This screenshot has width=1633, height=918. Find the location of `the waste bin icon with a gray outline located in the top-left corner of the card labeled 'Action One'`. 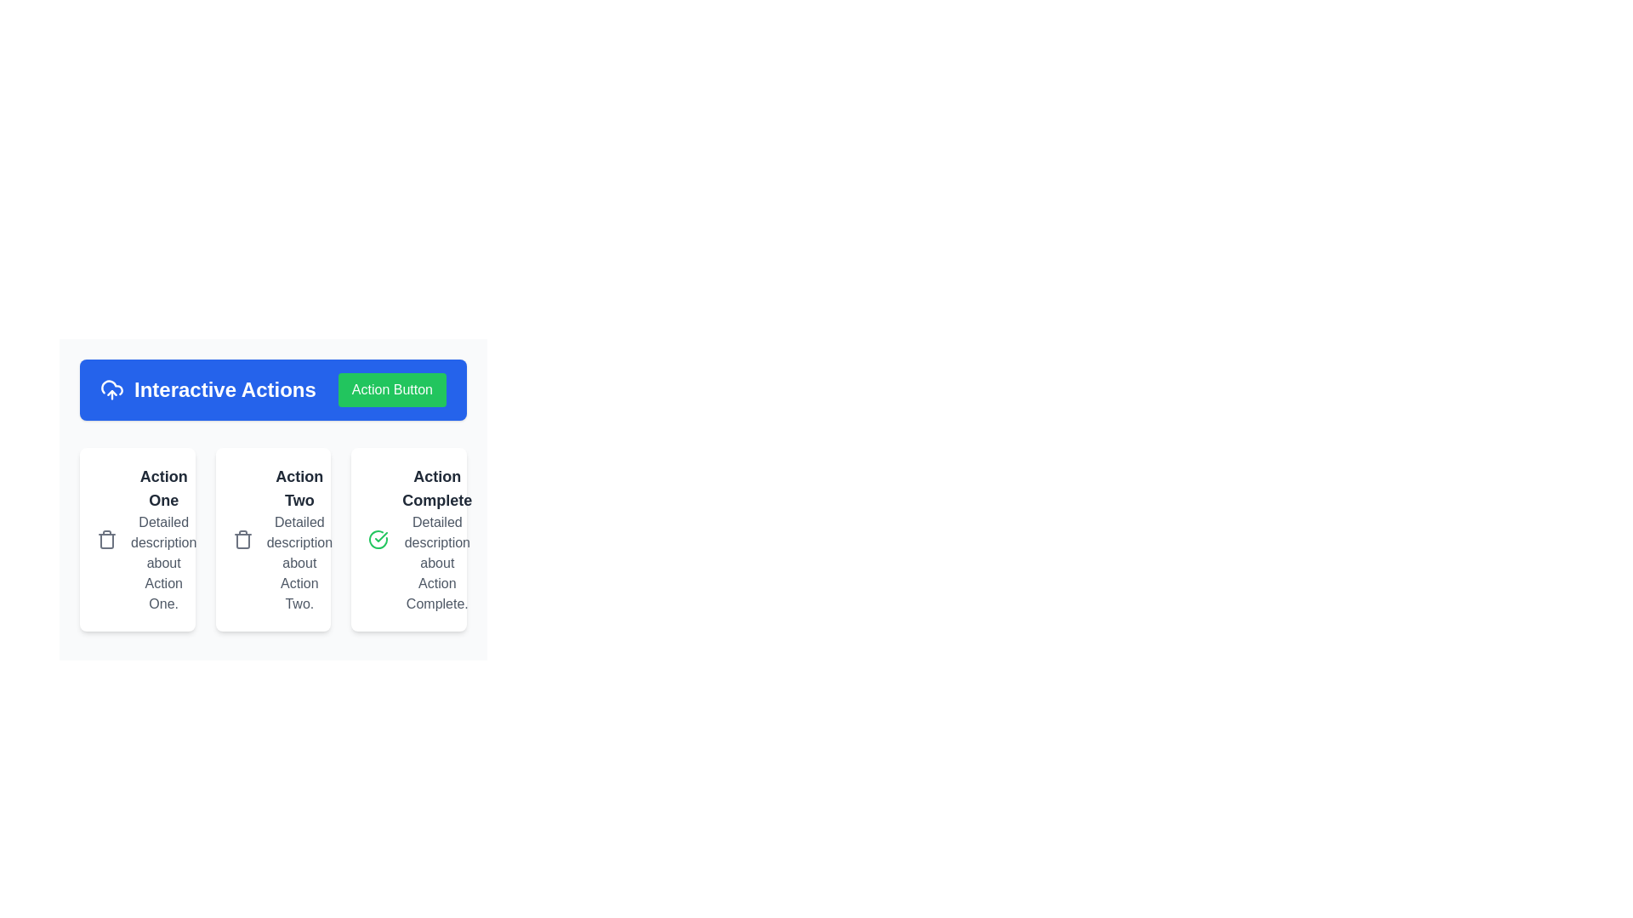

the waste bin icon with a gray outline located in the top-left corner of the card labeled 'Action One' is located at coordinates (105, 540).